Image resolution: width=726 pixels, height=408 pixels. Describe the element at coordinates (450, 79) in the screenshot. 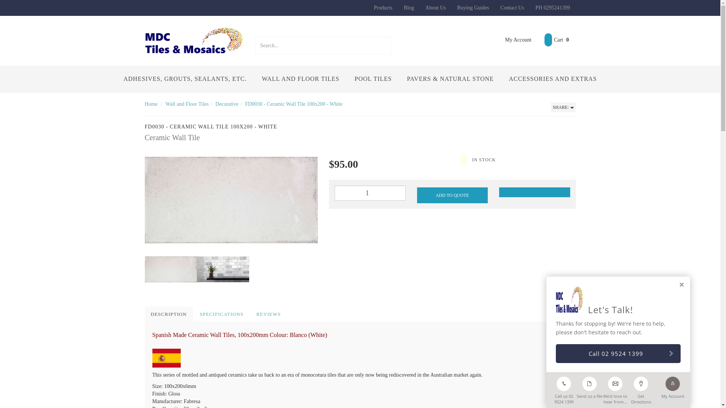

I see `'PAVERS & NATURAL STONE'` at that location.